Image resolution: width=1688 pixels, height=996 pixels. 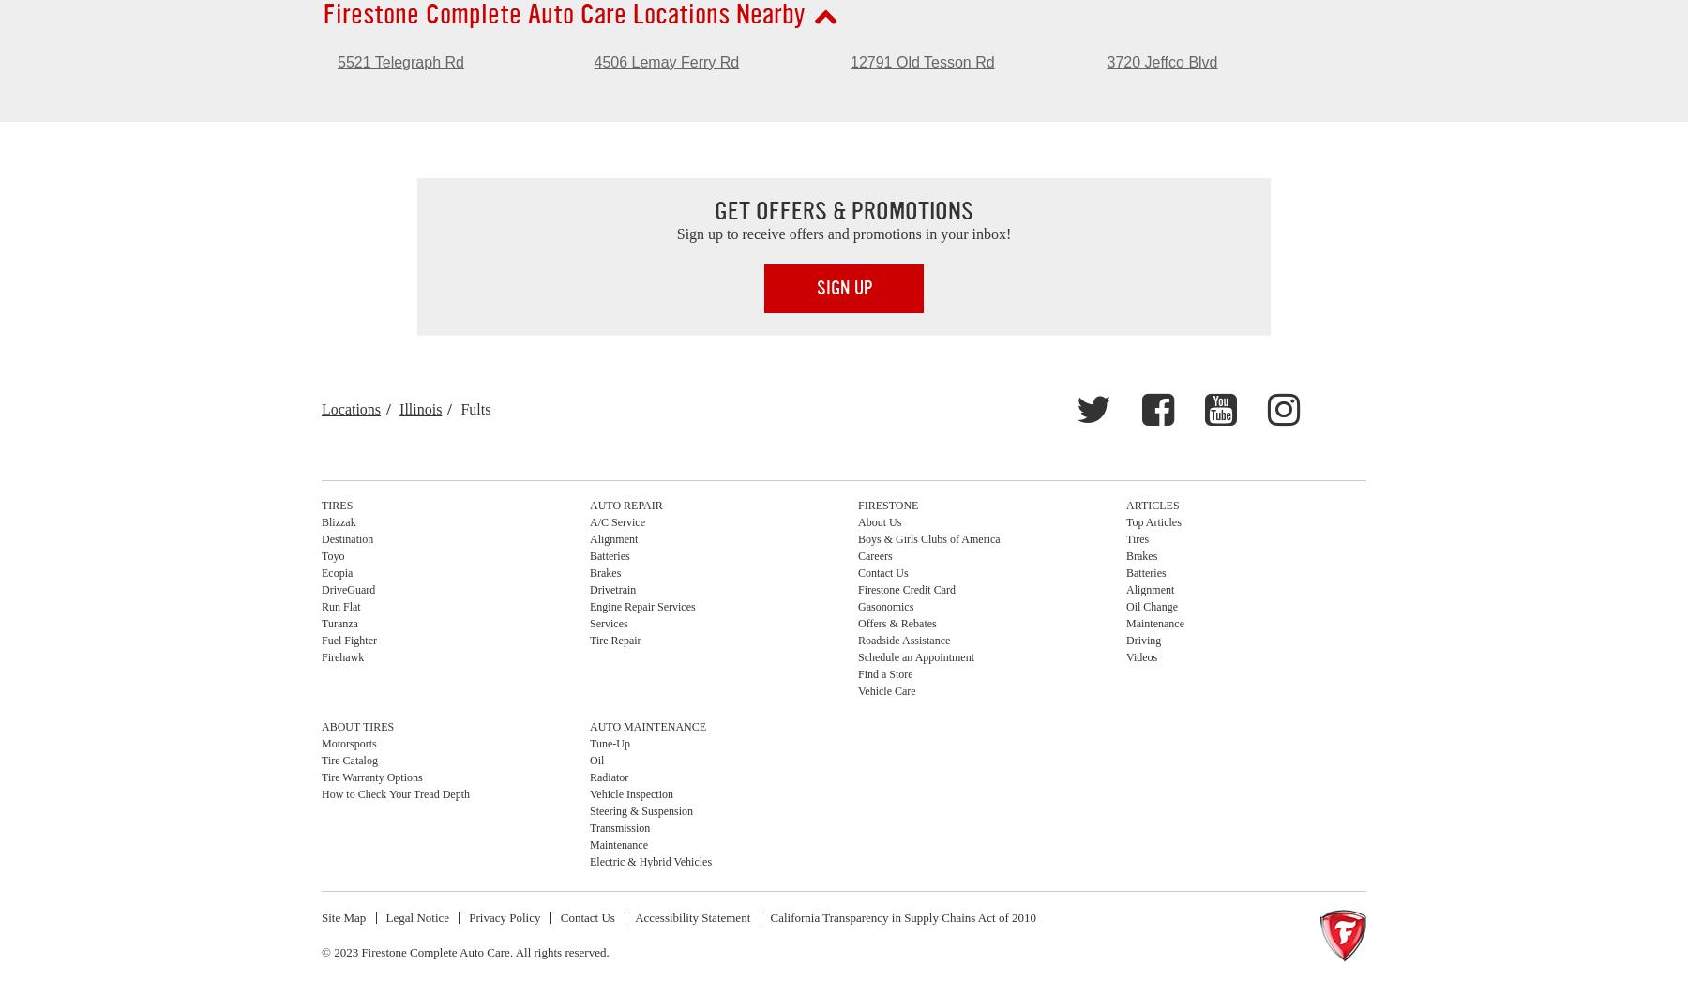 What do you see at coordinates (665, 62) in the screenshot?
I see `'4506 Lemay Ferry Rd'` at bounding box center [665, 62].